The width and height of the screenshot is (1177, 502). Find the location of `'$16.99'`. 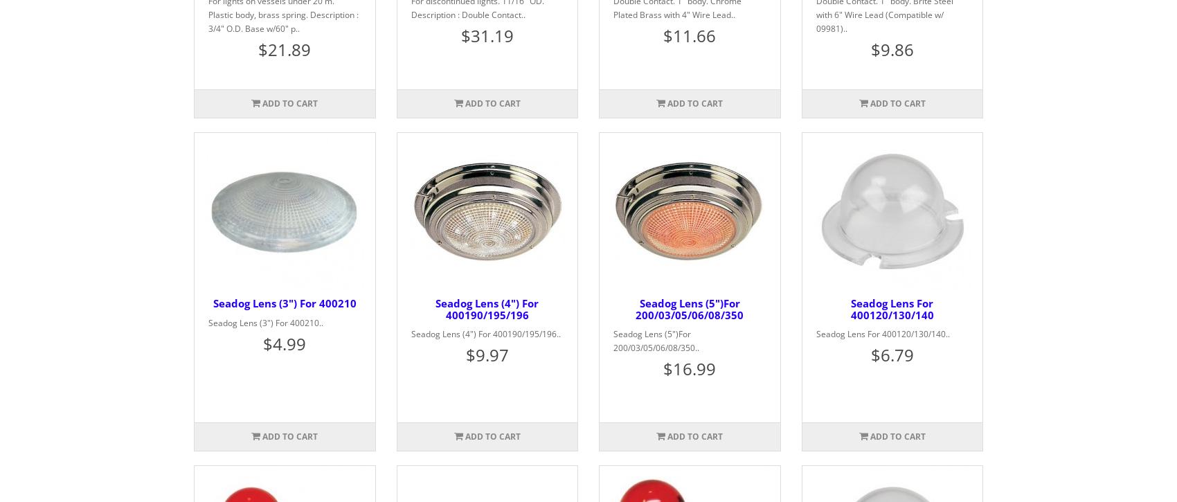

'$16.99' is located at coordinates (689, 368).